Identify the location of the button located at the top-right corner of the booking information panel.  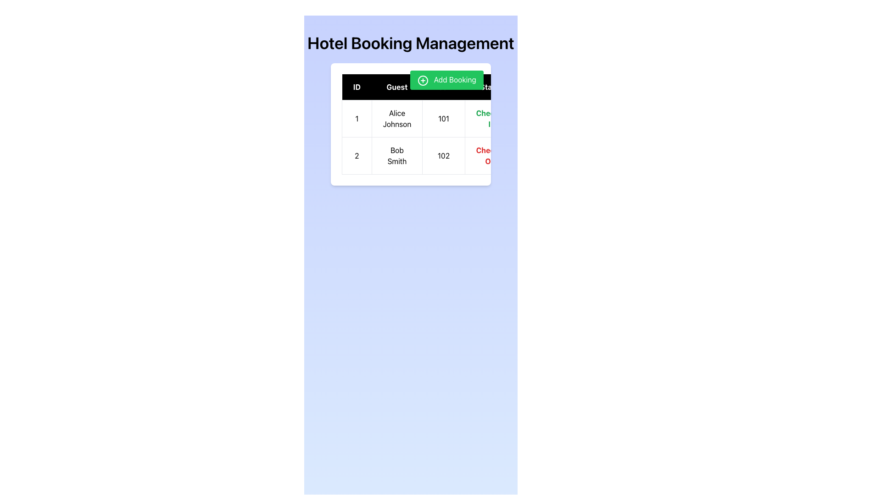
(446, 79).